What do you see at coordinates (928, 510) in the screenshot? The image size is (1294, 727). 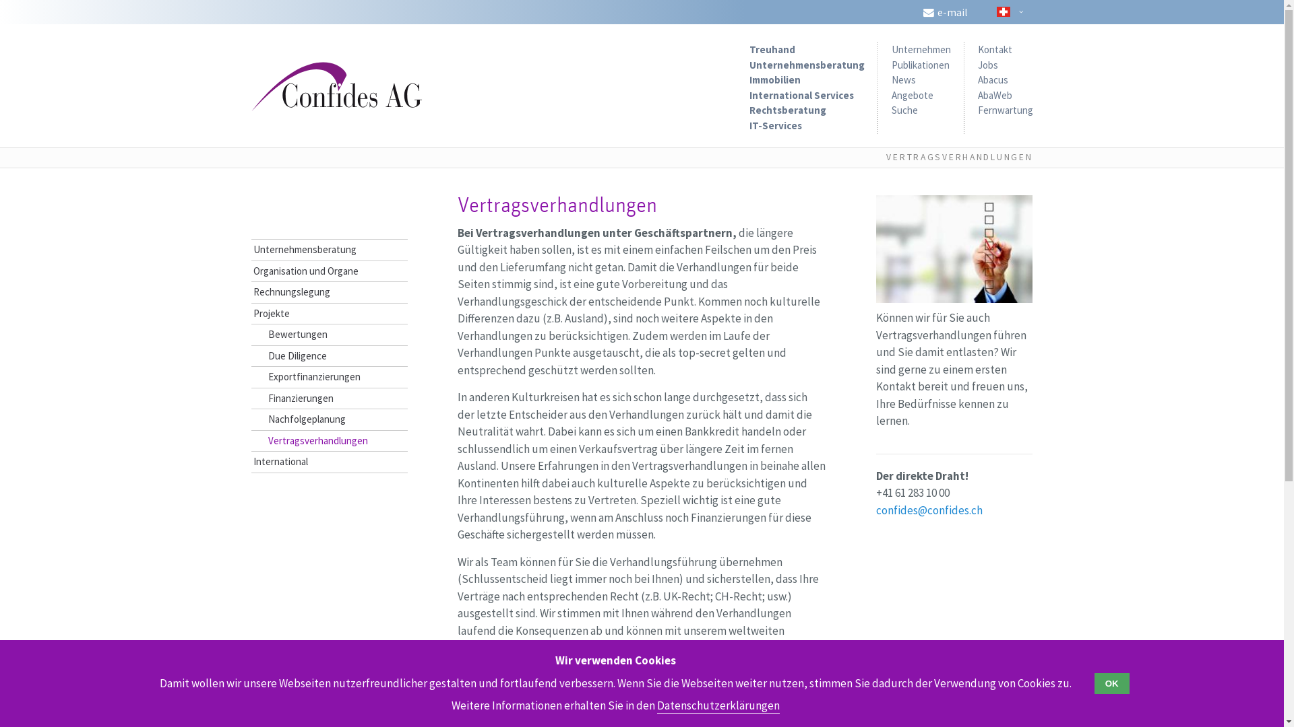 I see `'confides@confides.ch'` at bounding box center [928, 510].